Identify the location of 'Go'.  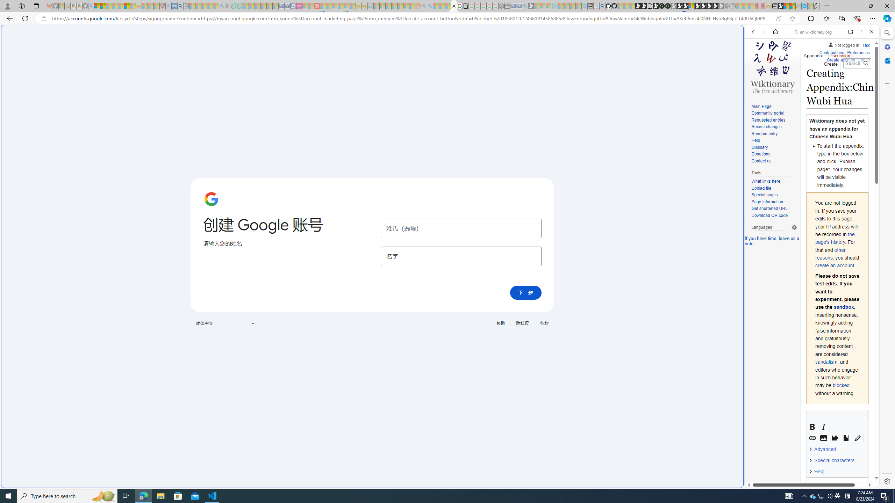
(865, 63).